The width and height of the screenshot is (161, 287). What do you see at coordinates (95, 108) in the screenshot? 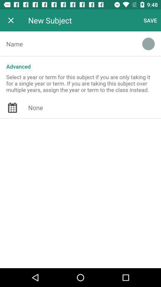
I see `the icon below select a year item` at bounding box center [95, 108].